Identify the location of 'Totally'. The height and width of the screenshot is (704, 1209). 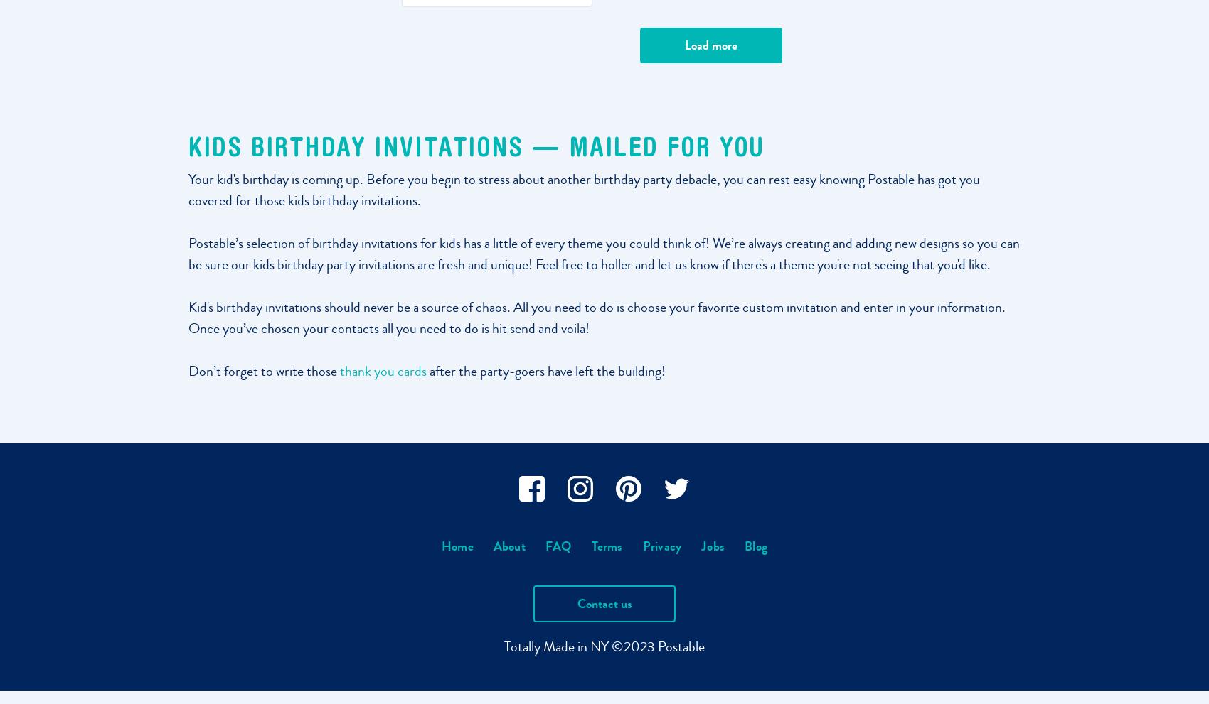
(504, 645).